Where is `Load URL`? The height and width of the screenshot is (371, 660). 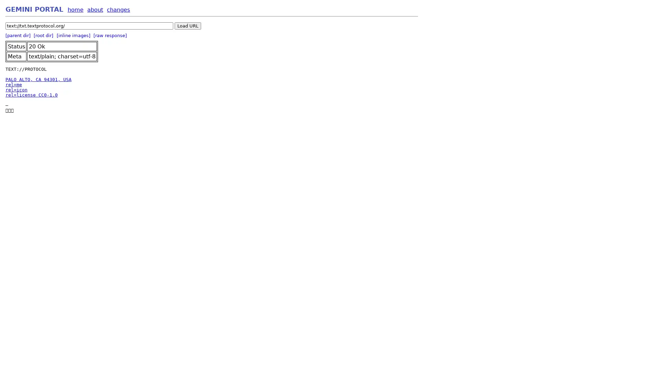 Load URL is located at coordinates (188, 25).